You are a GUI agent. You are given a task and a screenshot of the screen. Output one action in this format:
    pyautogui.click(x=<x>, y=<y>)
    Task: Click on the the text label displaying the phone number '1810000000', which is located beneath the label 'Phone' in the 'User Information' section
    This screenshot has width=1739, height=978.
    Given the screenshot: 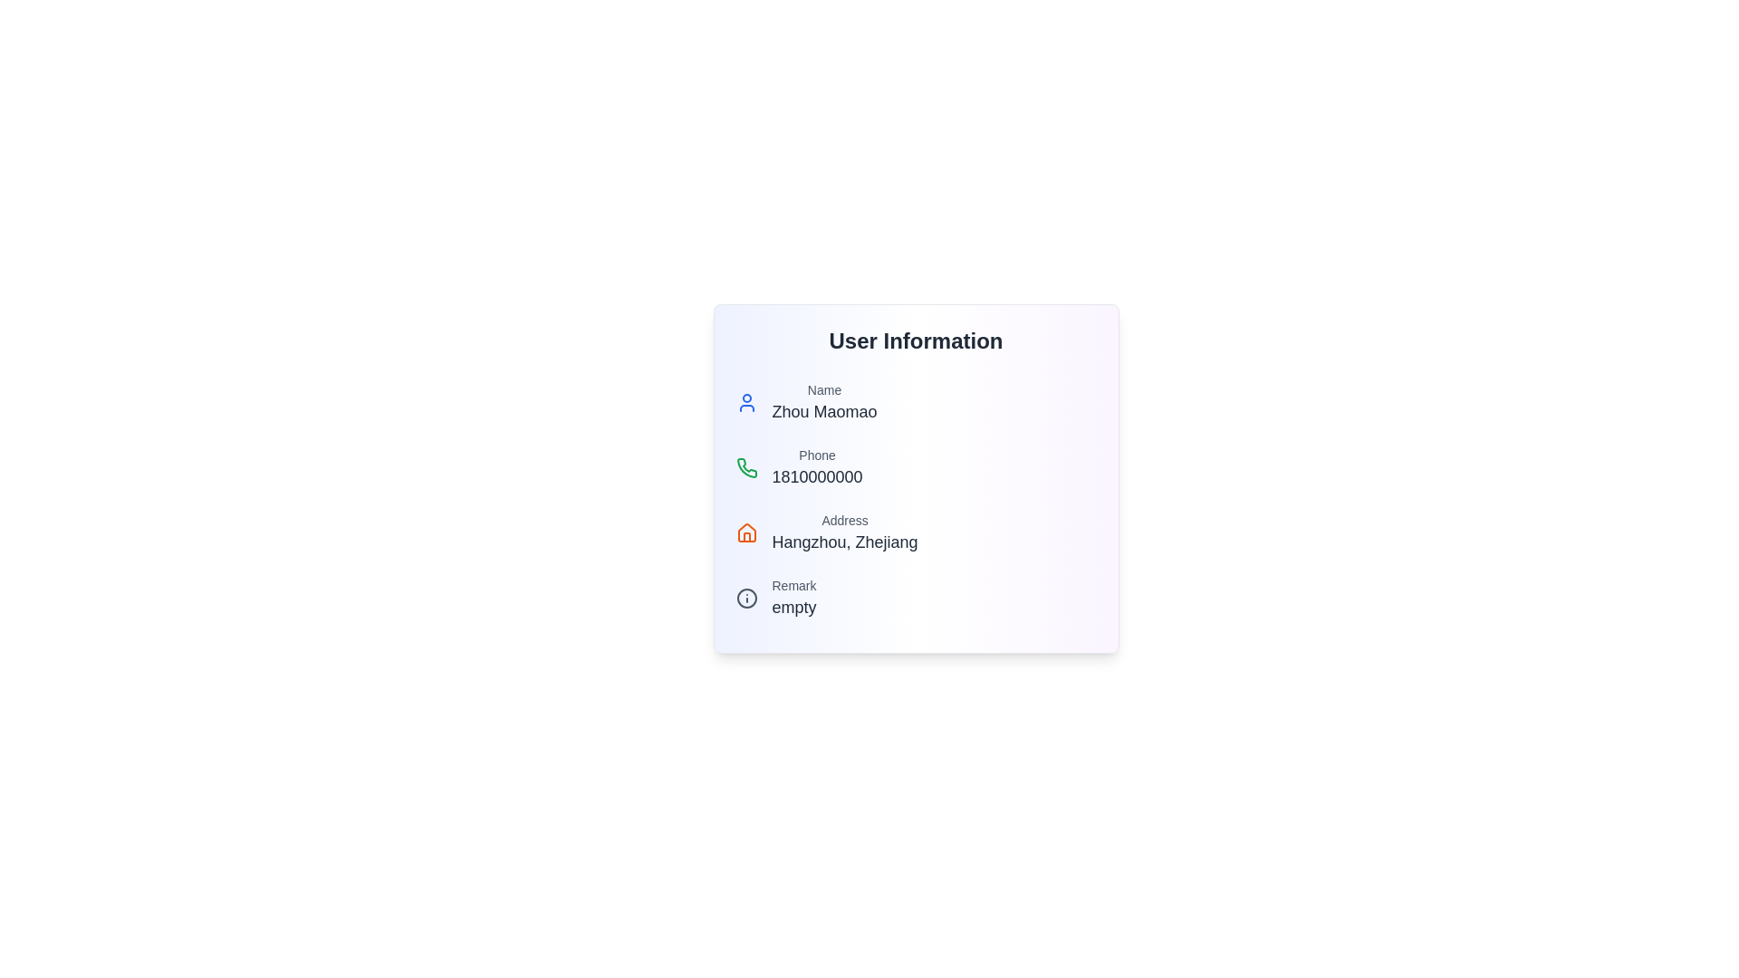 What is the action you would take?
    pyautogui.click(x=816, y=476)
    